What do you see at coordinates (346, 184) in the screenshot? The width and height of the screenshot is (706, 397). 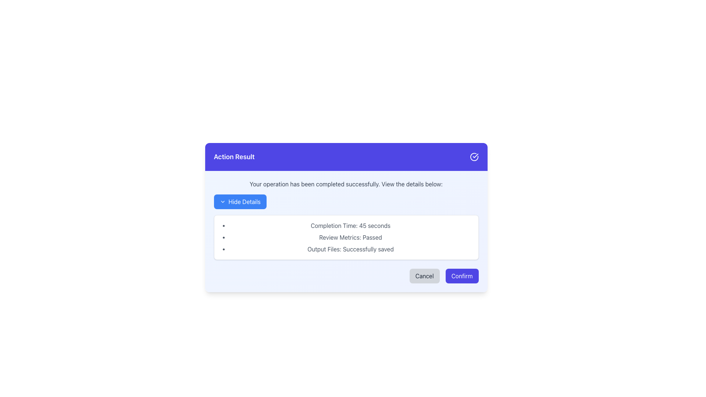 I see `static text displaying the message 'Your operation has been completed successfully. View the details below:' located at the top of the summary section in the modal overlay` at bounding box center [346, 184].